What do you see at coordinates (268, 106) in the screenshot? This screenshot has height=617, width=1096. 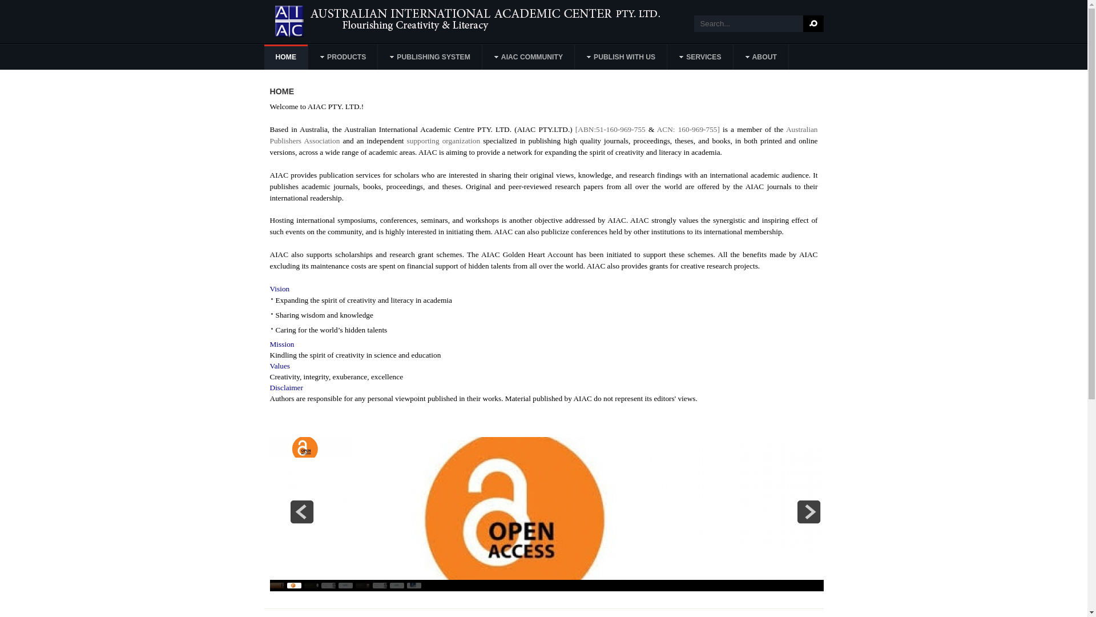 I see `'Welcome to AIAC PTY. LTD.!'` at bounding box center [268, 106].